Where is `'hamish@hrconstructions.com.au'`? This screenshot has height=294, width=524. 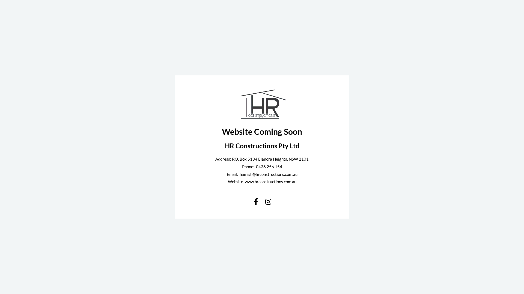 'hamish@hrconstructions.com.au' is located at coordinates (240, 174).